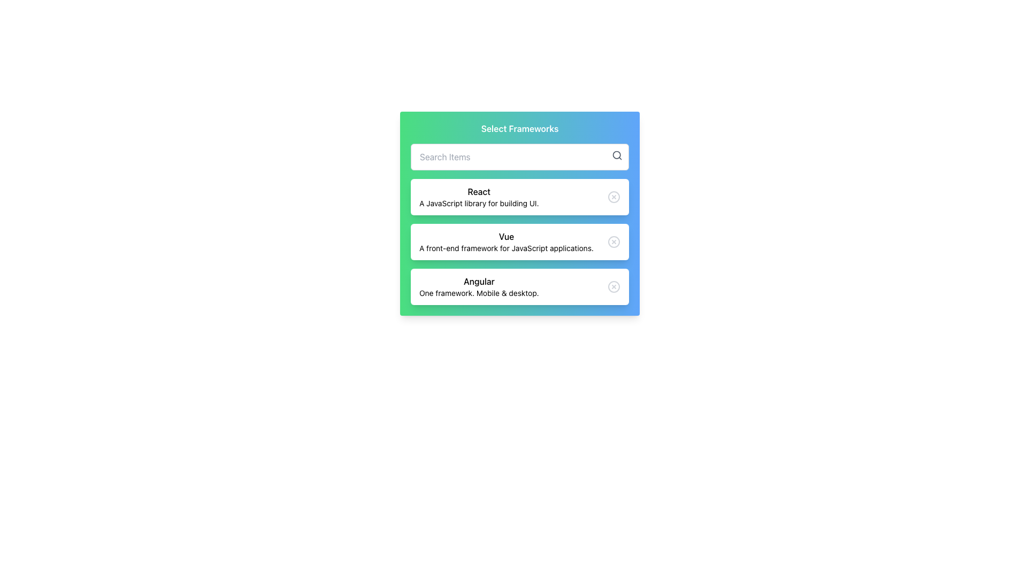 This screenshot has width=1027, height=577. What do you see at coordinates (614, 286) in the screenshot?
I see `the small circular icon button with an 'X' inside, located in the top-right corner of the 'Angular' card under the 'Select Frameworks' section` at bounding box center [614, 286].